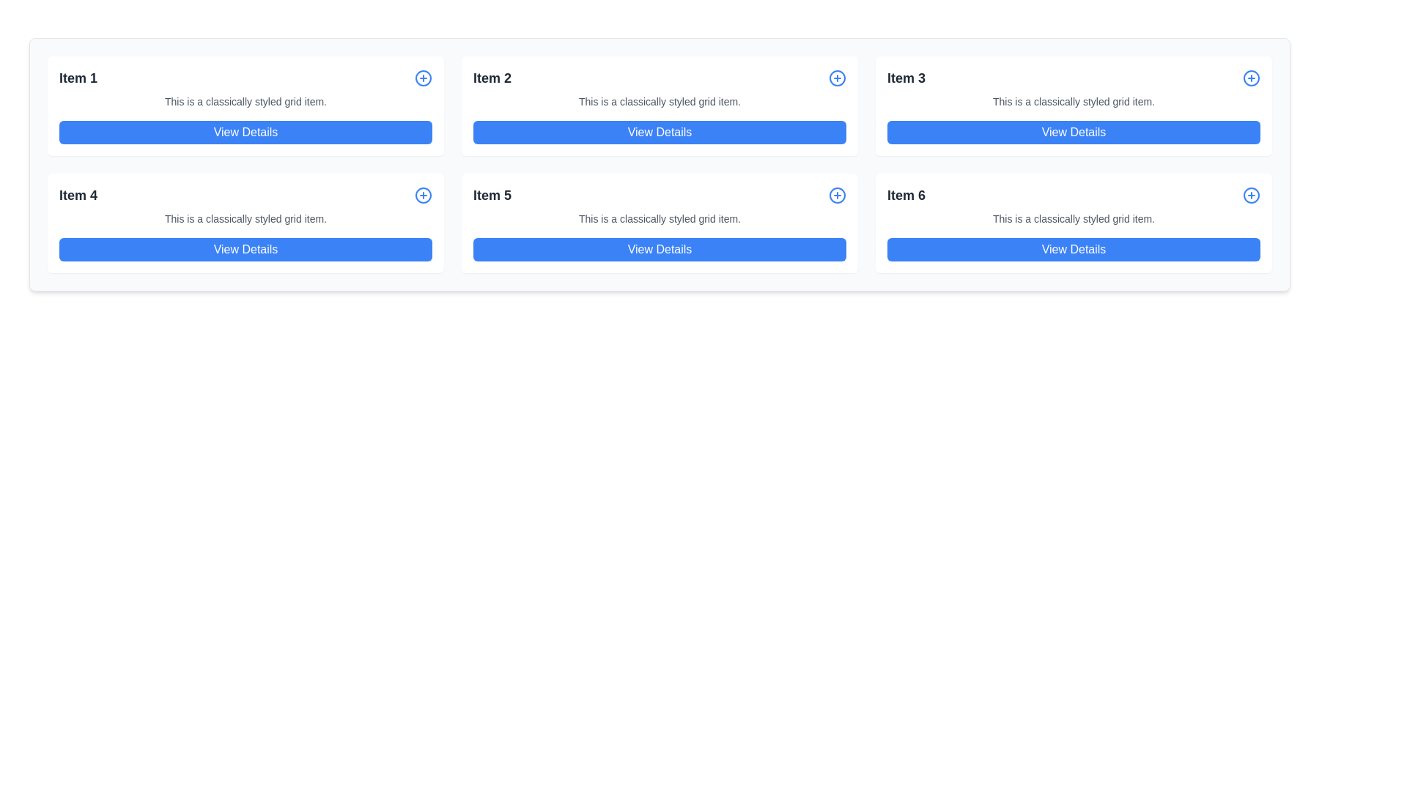  I want to click on the non-interactive Text label that provides additional information about the grid item 'Item 5', located below the title 'Item 5' and above the 'View Details' button, so click(659, 219).